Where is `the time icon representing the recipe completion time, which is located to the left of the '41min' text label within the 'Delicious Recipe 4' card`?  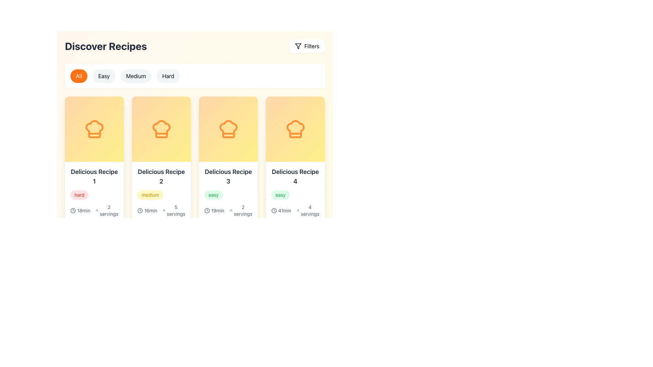
the time icon representing the recipe completion time, which is located to the left of the '41min' text label within the 'Delicious Recipe 4' card is located at coordinates (274, 210).